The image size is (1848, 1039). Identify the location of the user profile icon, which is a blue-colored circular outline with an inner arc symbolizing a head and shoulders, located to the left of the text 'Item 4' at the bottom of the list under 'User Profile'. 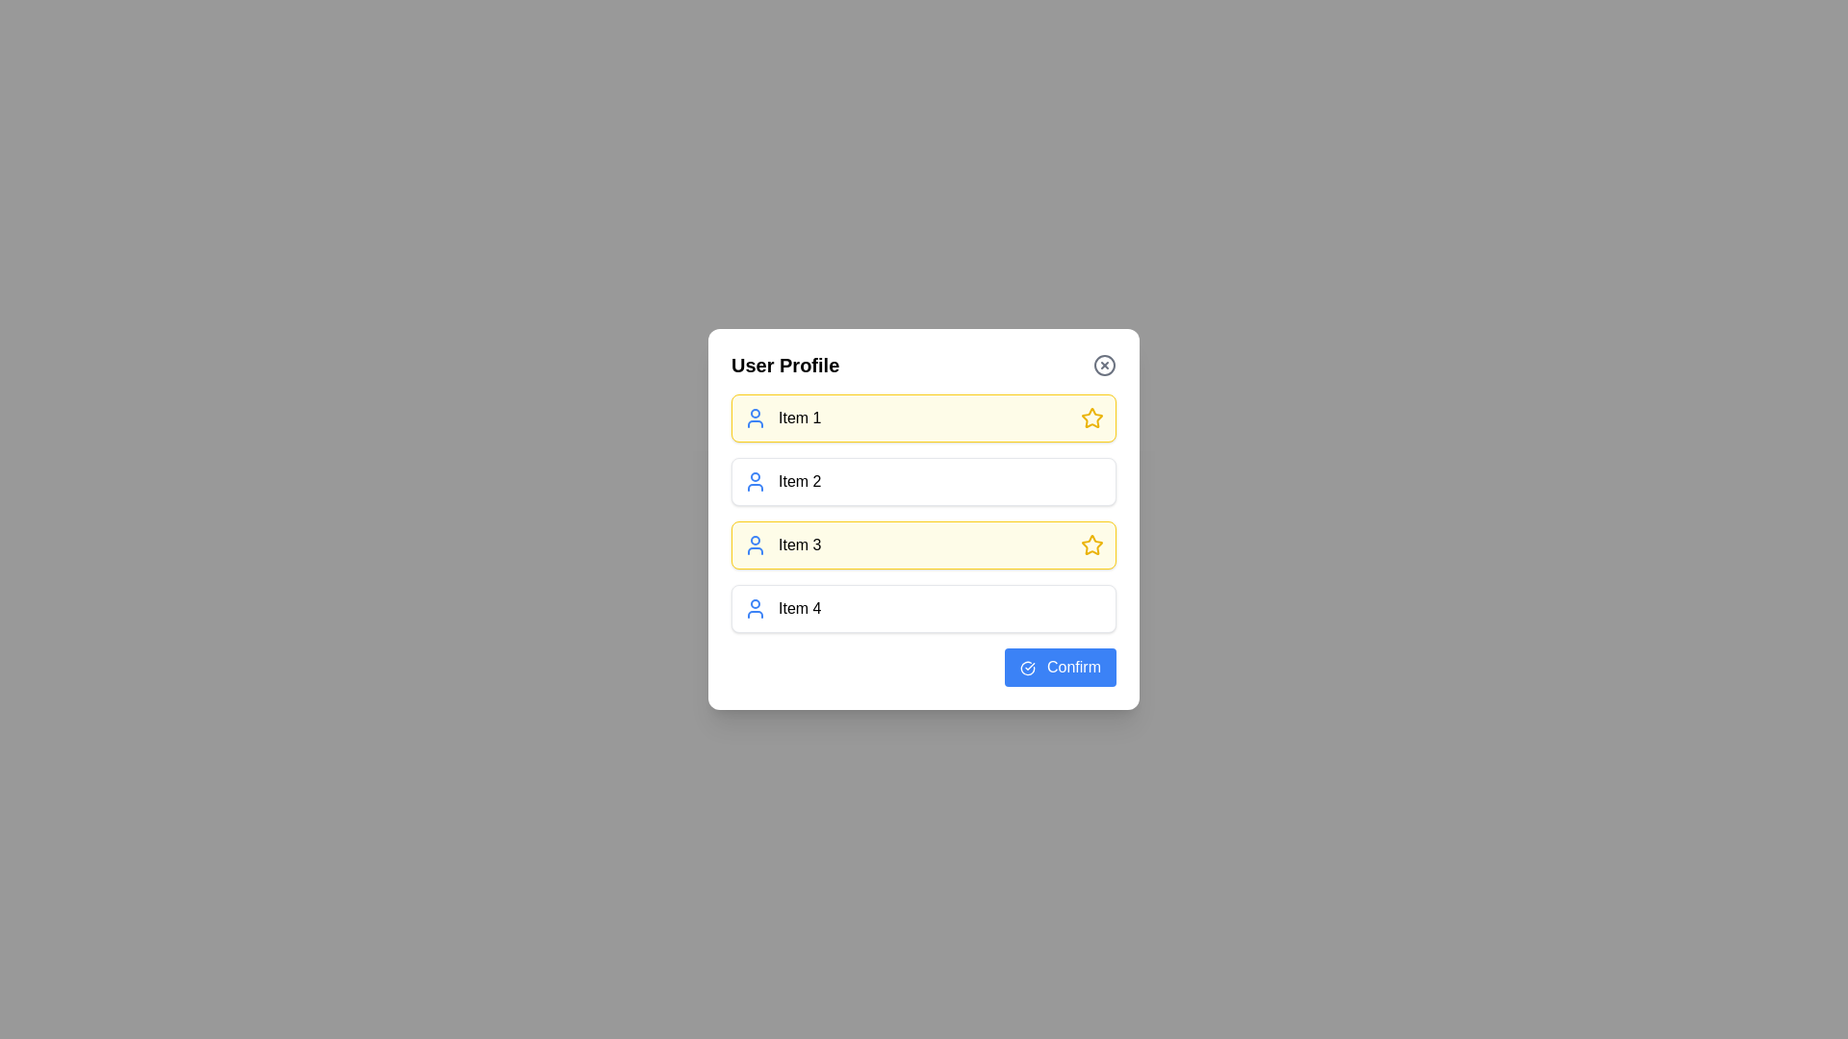
(755, 608).